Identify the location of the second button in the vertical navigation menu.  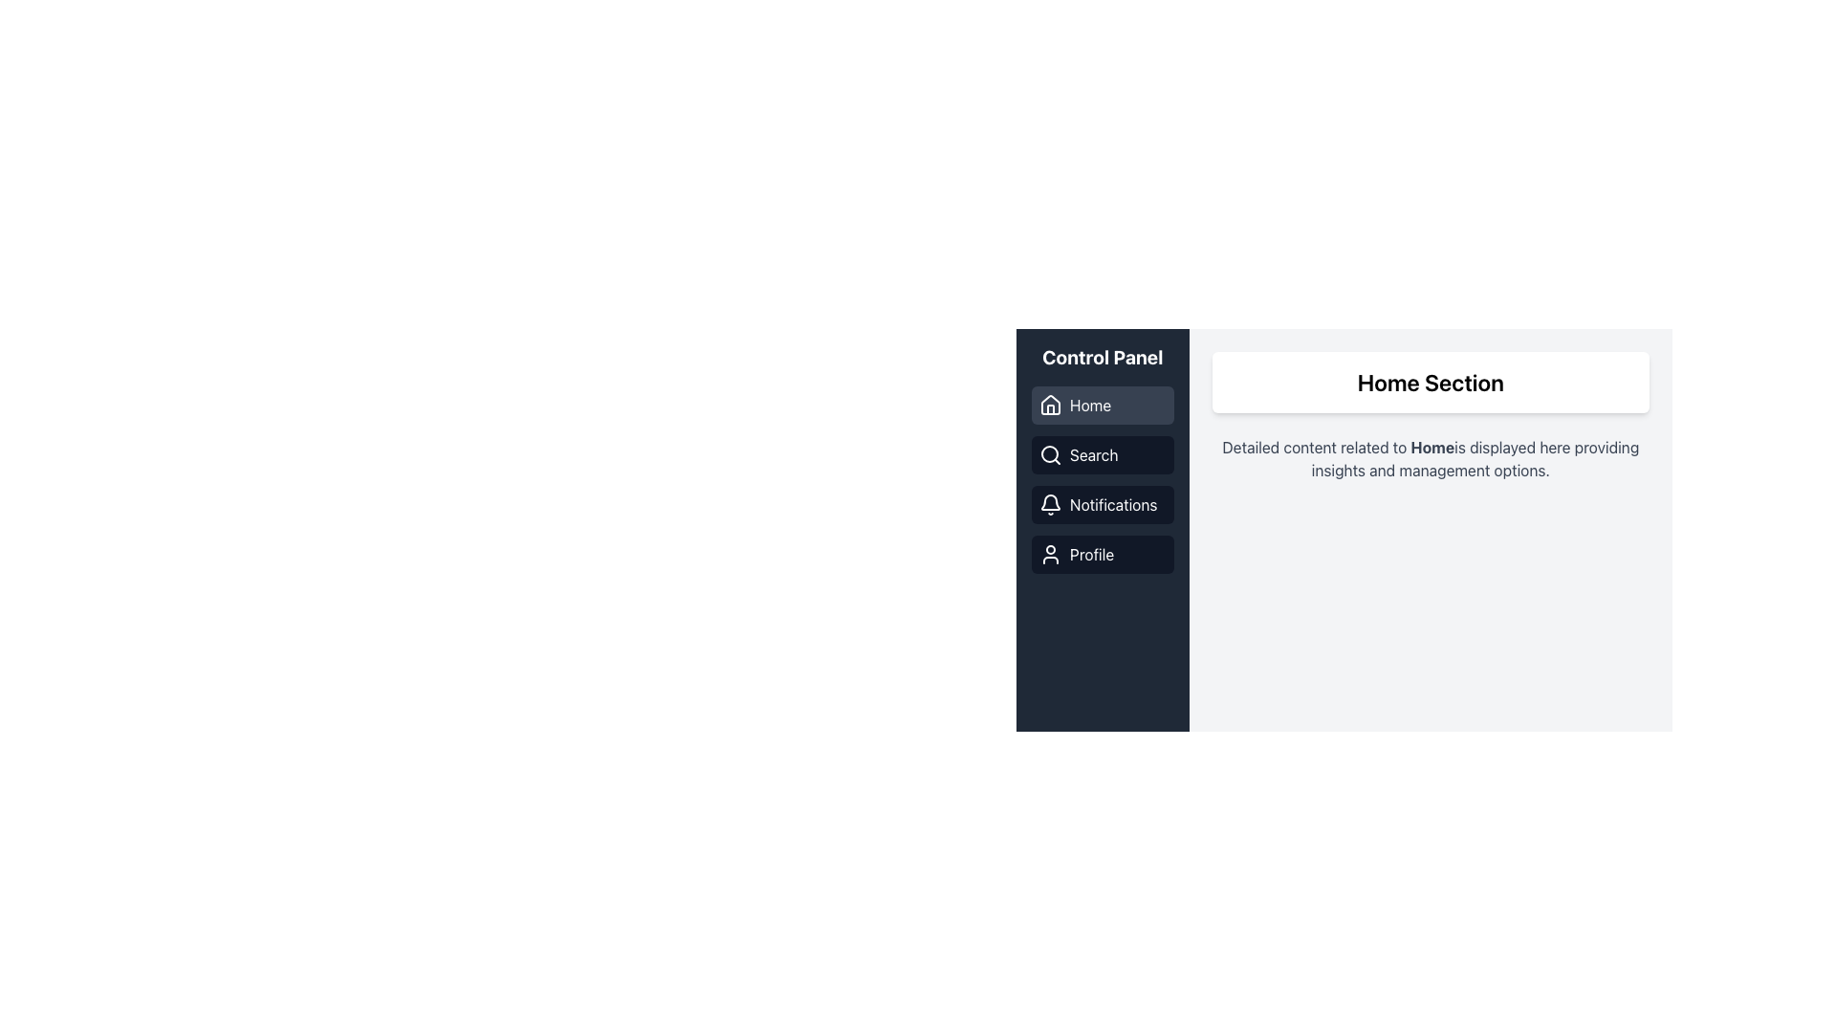
(1103, 454).